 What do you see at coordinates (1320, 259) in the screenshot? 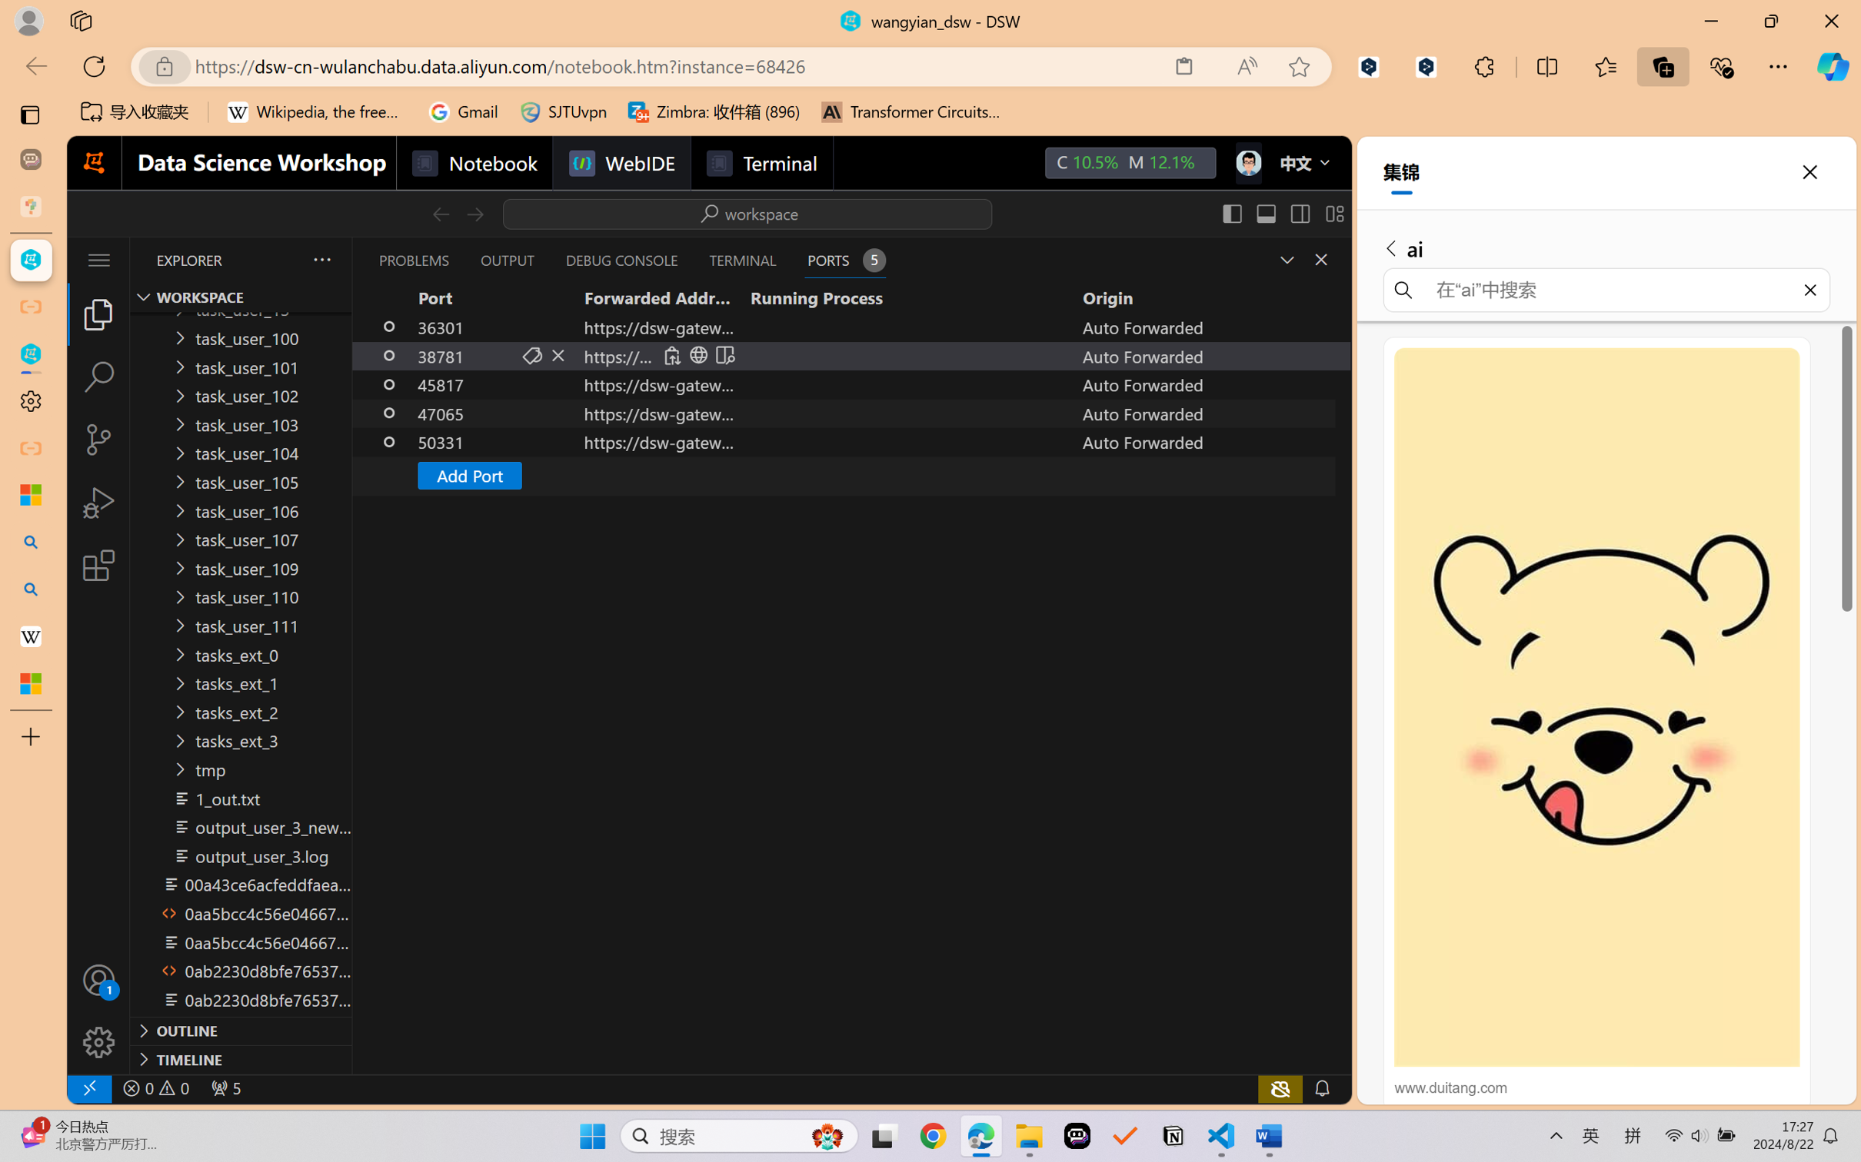
I see `'Close Panel'` at bounding box center [1320, 259].